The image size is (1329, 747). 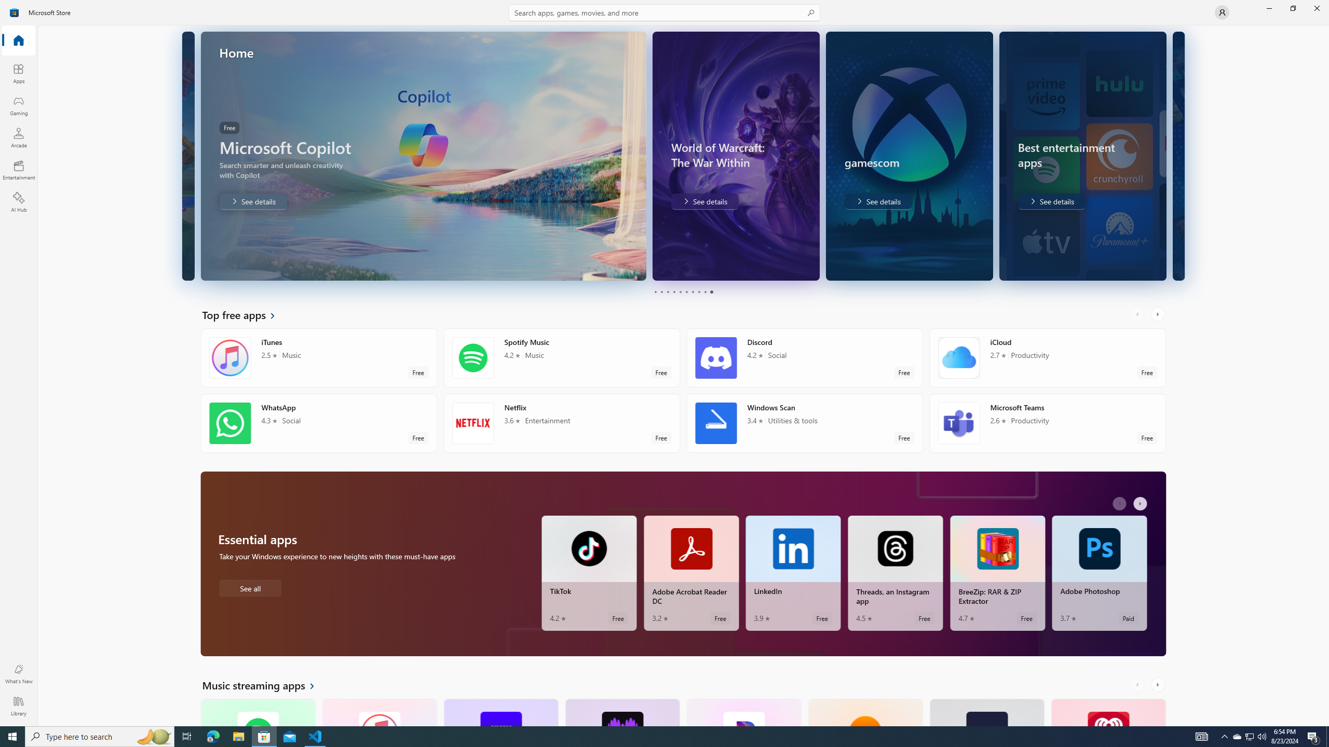 I want to click on 'Gaming', so click(x=18, y=105).